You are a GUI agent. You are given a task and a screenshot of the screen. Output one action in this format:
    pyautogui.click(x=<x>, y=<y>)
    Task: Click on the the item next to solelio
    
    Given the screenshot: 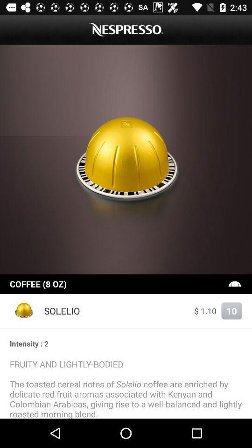 What is the action you would take?
    pyautogui.click(x=205, y=311)
    